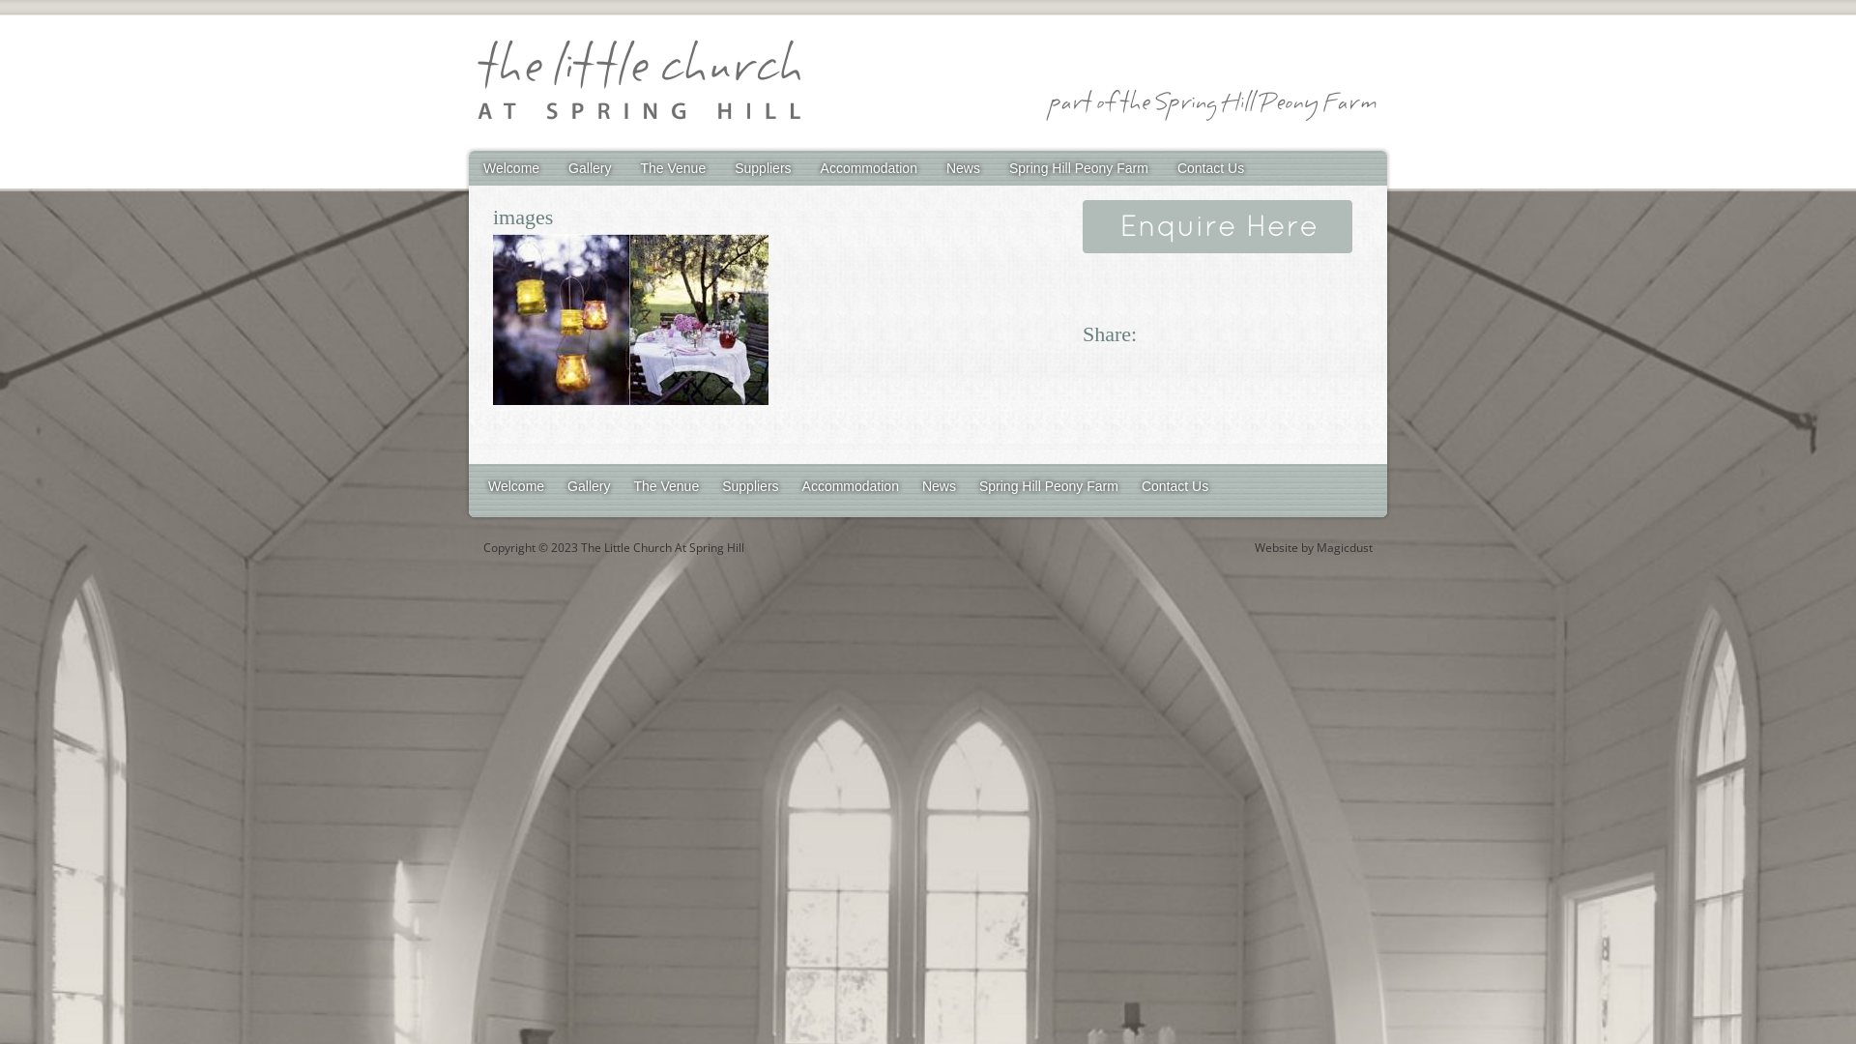  What do you see at coordinates (1078, 166) in the screenshot?
I see `'Spring Hill Peony Farm'` at bounding box center [1078, 166].